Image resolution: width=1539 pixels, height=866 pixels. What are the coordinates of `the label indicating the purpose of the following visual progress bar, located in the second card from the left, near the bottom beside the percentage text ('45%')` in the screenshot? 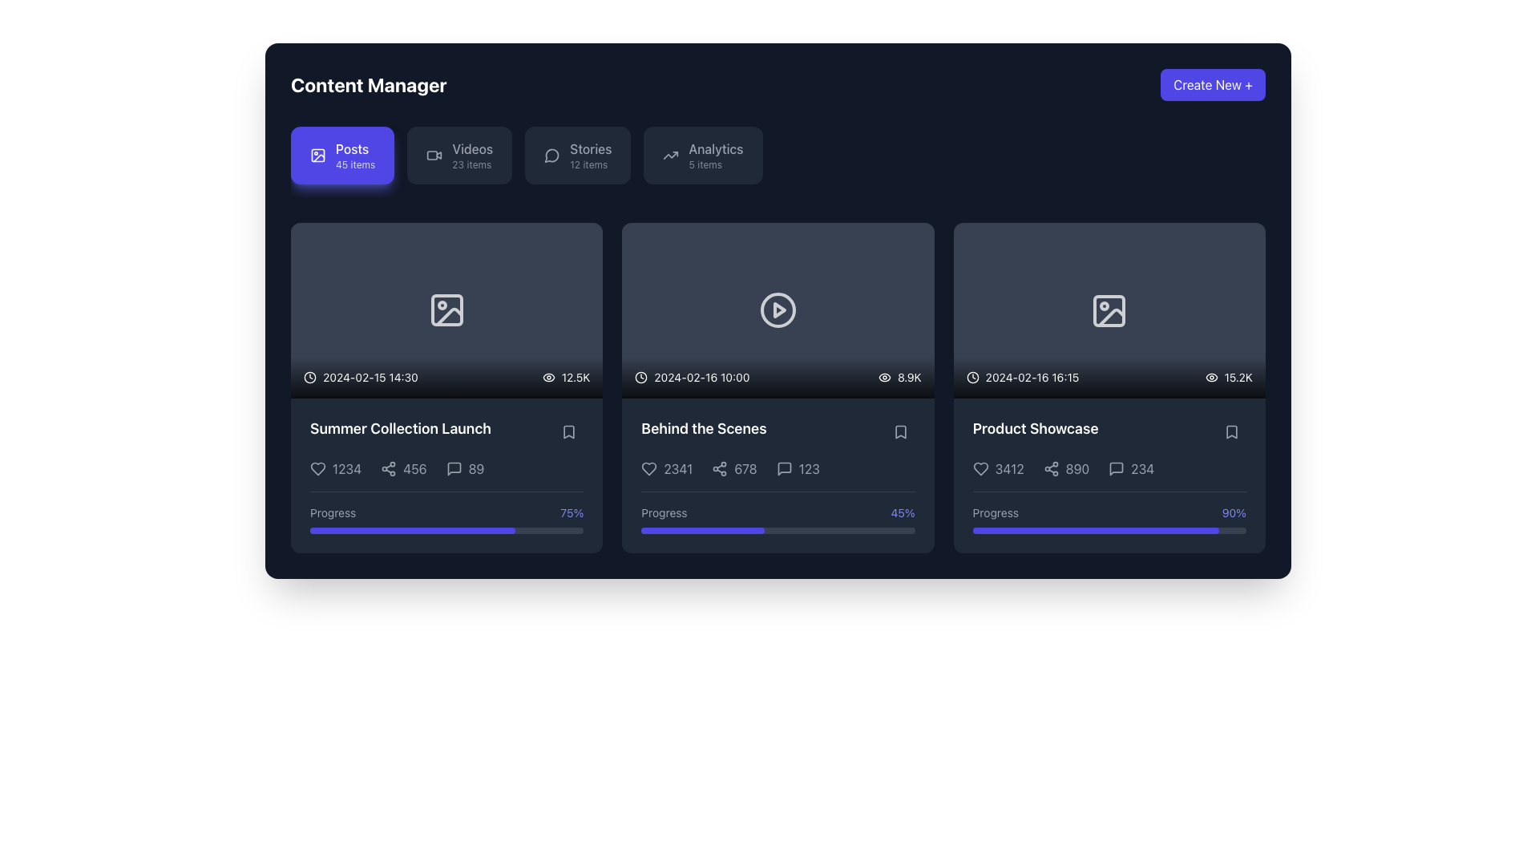 It's located at (664, 513).